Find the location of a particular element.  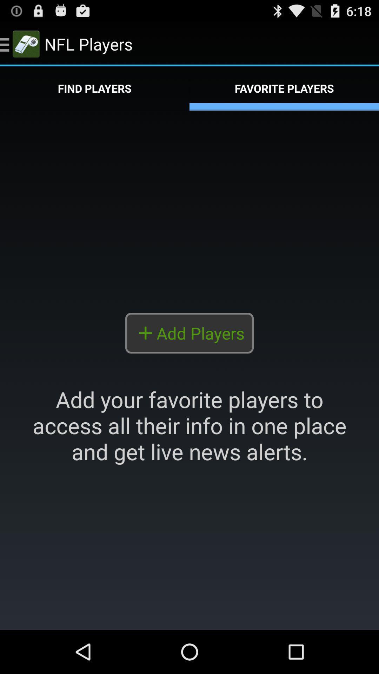

new players is located at coordinates (189, 370).